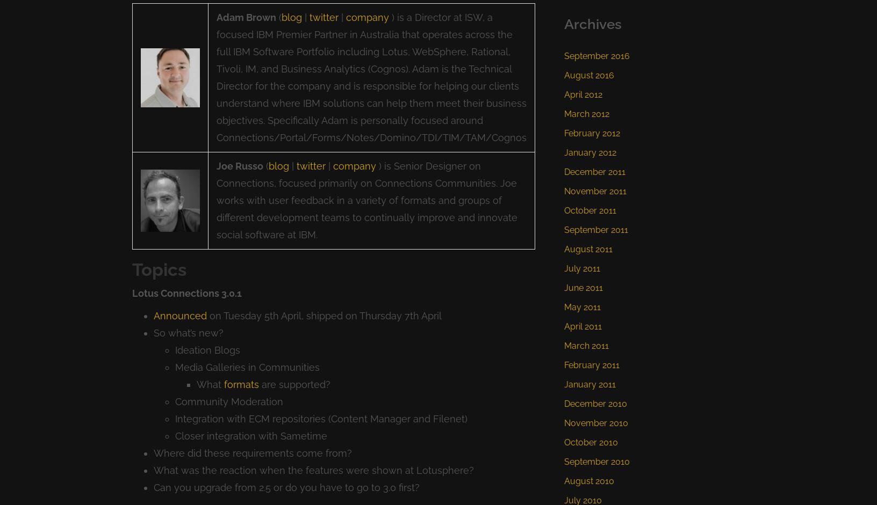 The height and width of the screenshot is (505, 877). I want to click on 'August 2016', so click(588, 74).